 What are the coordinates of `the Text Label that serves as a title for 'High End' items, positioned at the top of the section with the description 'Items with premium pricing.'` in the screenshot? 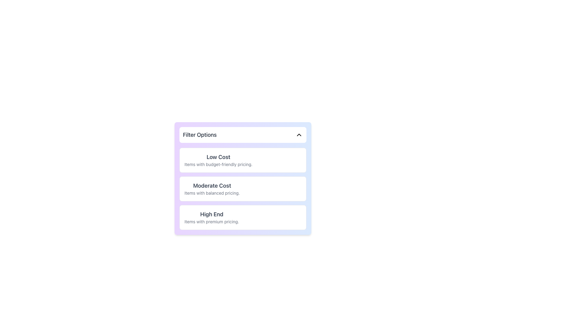 It's located at (212, 214).